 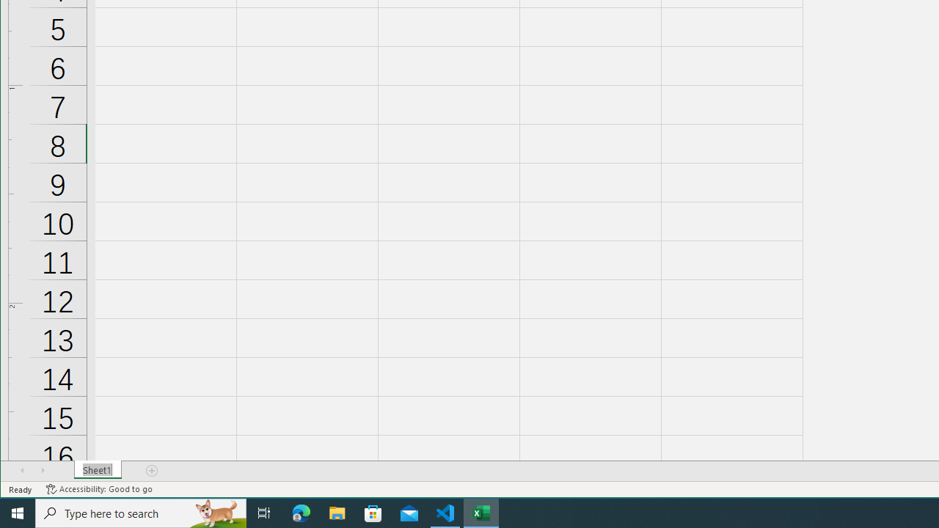 What do you see at coordinates (373, 512) in the screenshot?
I see `'Microsoft Store'` at bounding box center [373, 512].